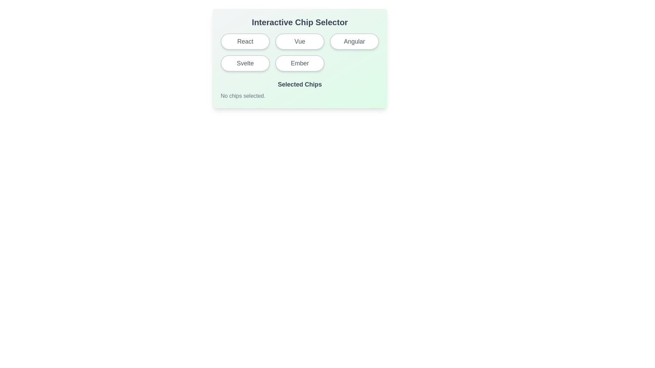  What do you see at coordinates (245, 63) in the screenshot?
I see `the pill-shaped button labeled 'Svelte' with a white background and gray border` at bounding box center [245, 63].